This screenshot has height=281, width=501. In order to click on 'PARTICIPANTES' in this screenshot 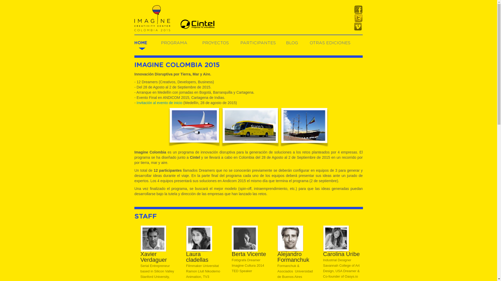, I will do `click(258, 43)`.